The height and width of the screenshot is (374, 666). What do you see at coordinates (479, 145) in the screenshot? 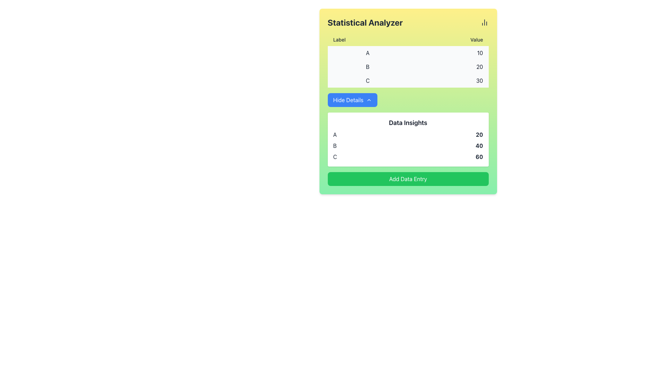
I see `the text label displaying the numerical value associated with 'B' in the 'Data Insights' section, located next to the value '20' and preceding '60'` at bounding box center [479, 145].